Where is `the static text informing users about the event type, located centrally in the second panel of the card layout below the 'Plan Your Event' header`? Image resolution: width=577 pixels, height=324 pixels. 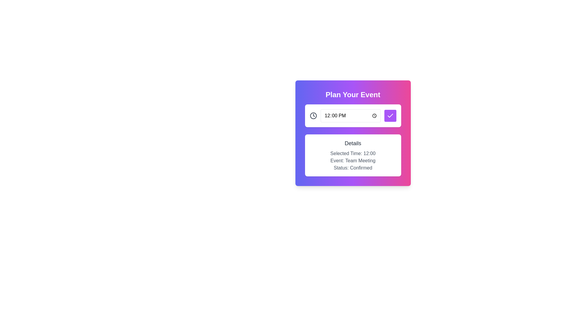
the static text informing users about the event type, located centrally in the second panel of the card layout below the 'Plan Your Event' header is located at coordinates (353, 160).